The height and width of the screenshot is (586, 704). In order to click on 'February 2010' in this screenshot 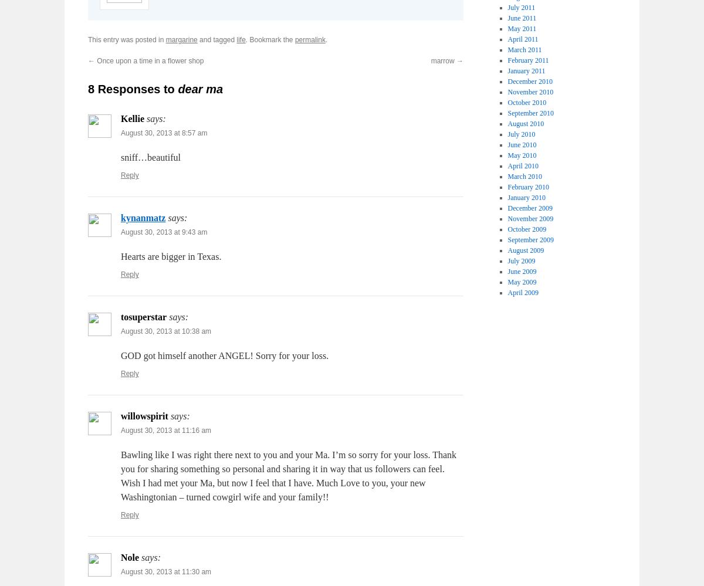, I will do `click(528, 186)`.